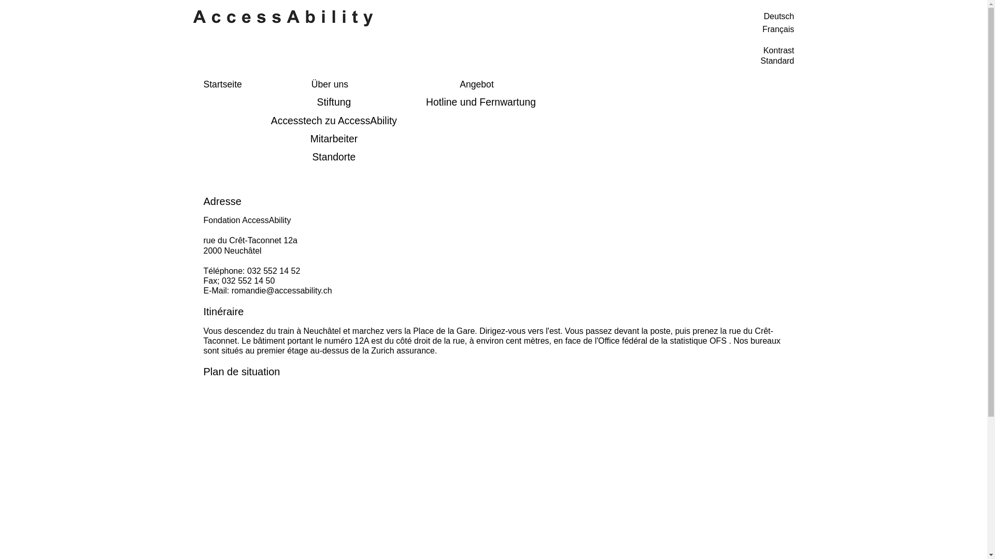  Describe the element at coordinates (334, 138) in the screenshot. I see `'Mitarbeiter'` at that location.